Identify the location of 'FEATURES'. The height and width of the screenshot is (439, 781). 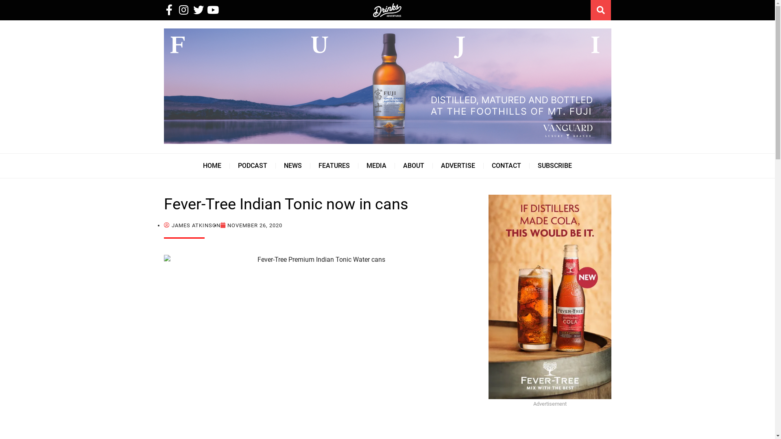
(334, 165).